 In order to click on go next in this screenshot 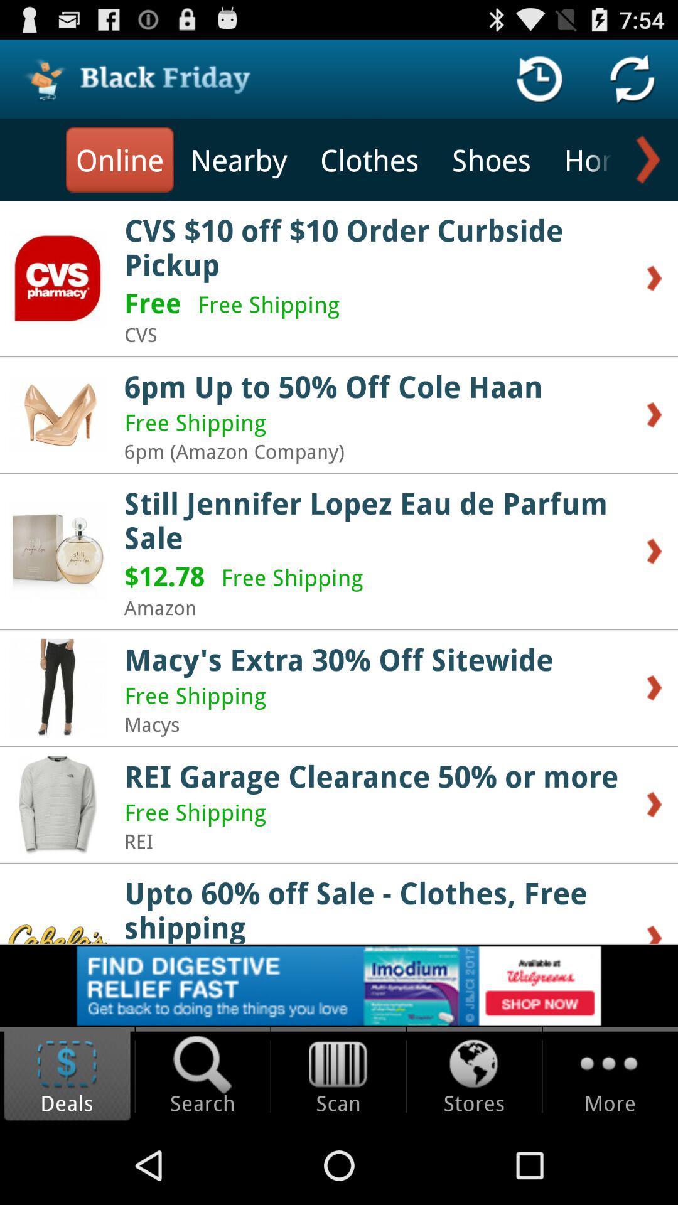, I will do `click(645, 159)`.